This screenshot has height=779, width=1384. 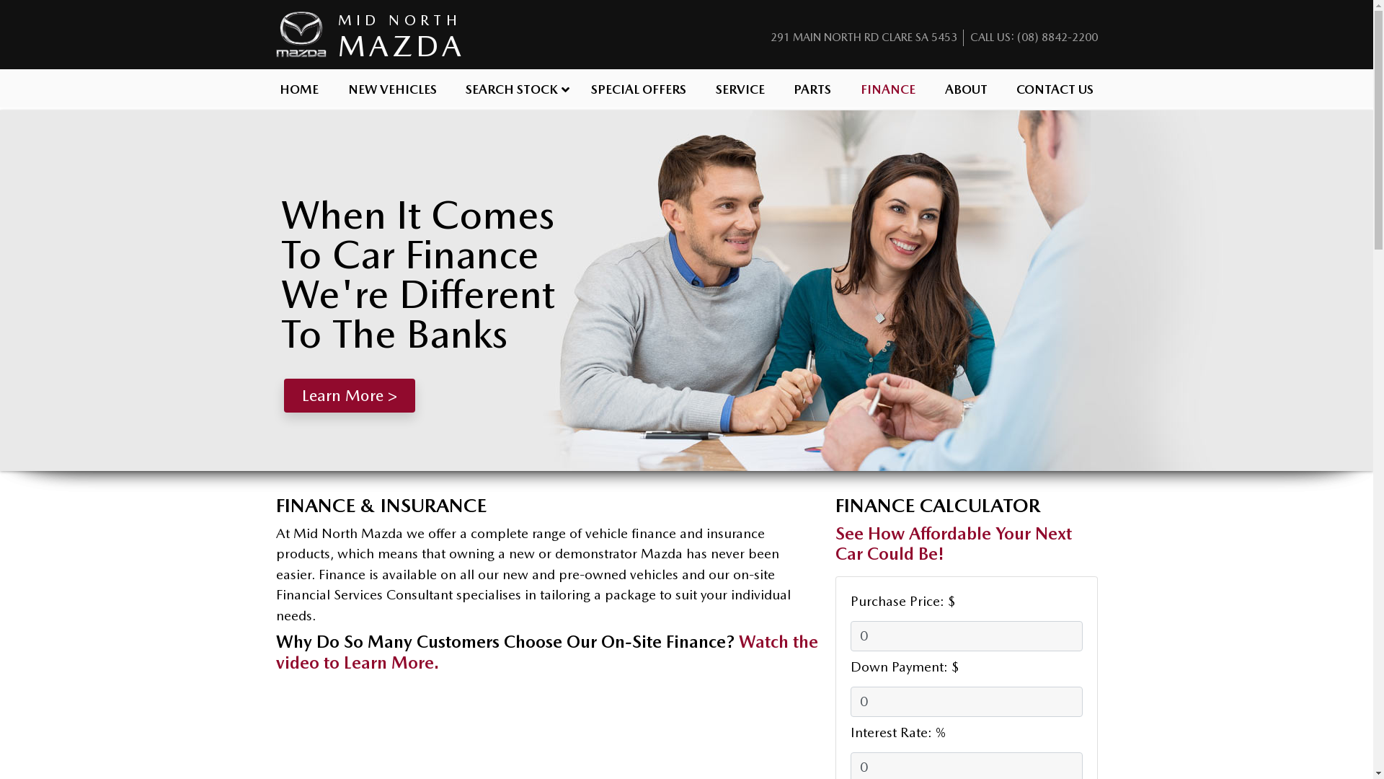 I want to click on 'PARTS', so click(x=778, y=88).